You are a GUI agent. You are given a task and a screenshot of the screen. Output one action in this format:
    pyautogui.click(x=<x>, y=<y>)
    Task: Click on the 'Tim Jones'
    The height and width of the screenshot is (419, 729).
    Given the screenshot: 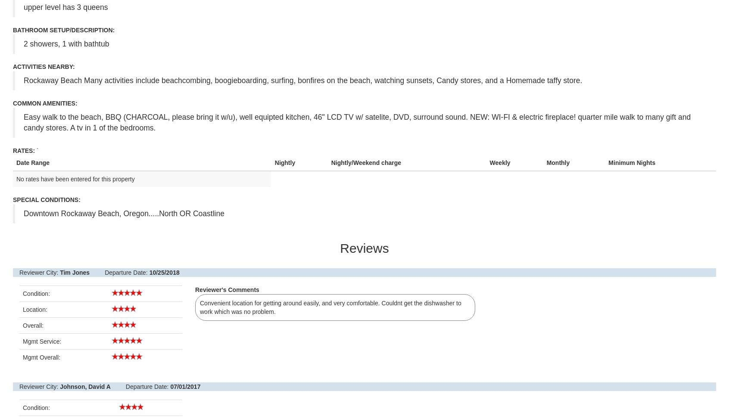 What is the action you would take?
    pyautogui.click(x=74, y=272)
    